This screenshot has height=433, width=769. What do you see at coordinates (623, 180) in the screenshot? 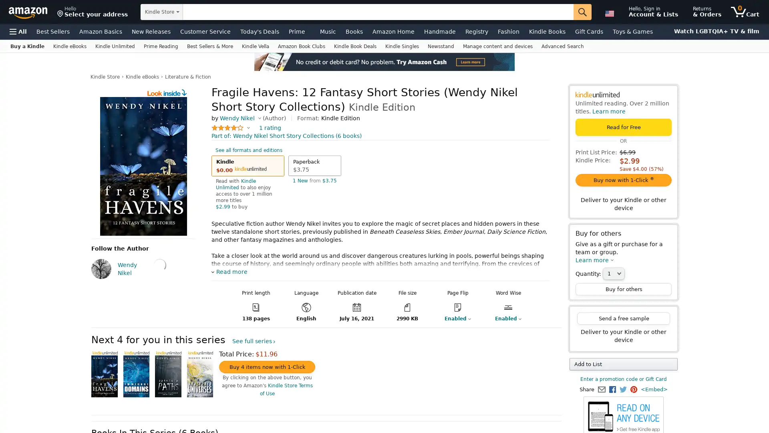
I see `Buy now with 1-Click` at bounding box center [623, 180].